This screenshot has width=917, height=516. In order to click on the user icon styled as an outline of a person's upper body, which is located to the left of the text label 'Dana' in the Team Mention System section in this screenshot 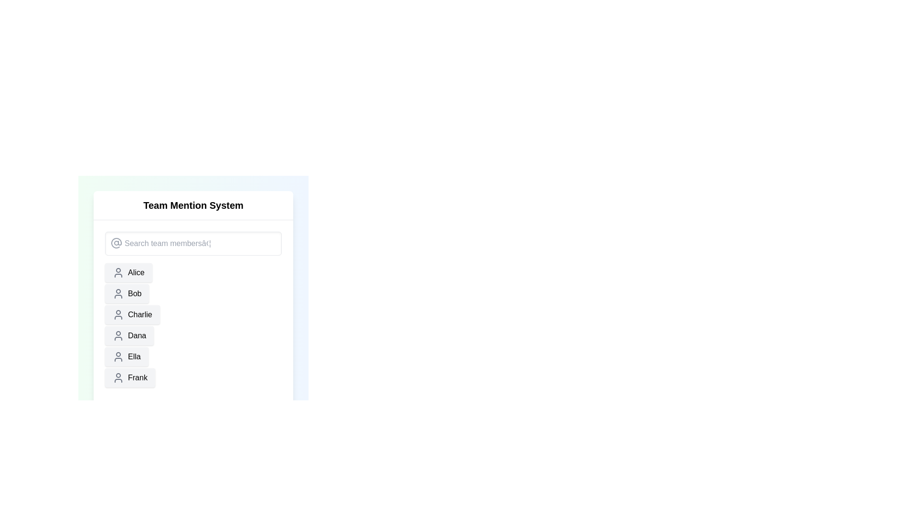, I will do `click(118, 335)`.